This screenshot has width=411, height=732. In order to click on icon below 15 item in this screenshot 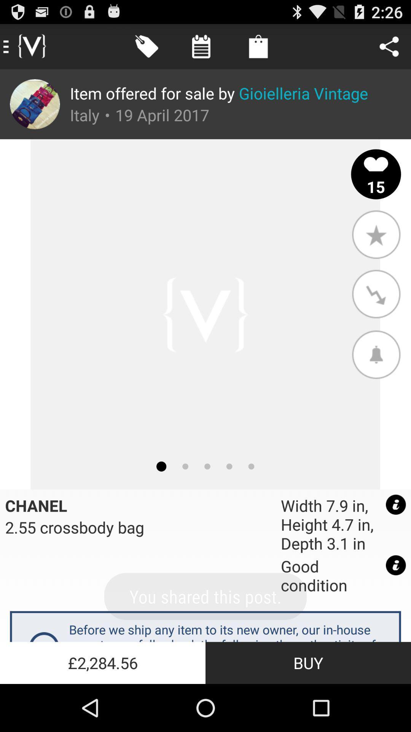, I will do `click(376, 234)`.